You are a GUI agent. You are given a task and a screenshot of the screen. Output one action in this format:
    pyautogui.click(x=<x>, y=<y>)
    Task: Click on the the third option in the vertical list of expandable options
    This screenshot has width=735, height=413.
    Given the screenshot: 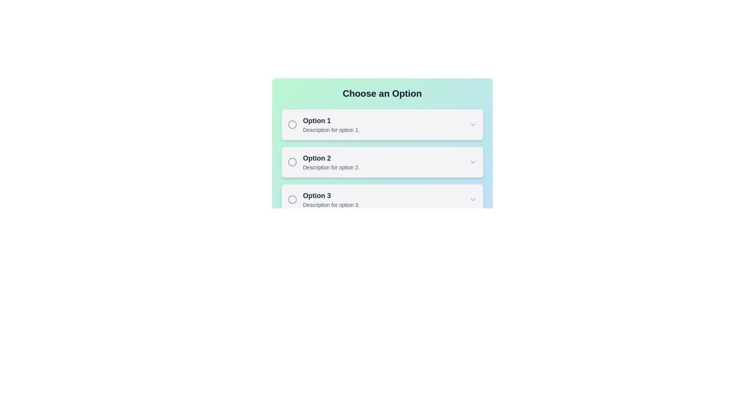 What is the action you would take?
    pyautogui.click(x=382, y=199)
    